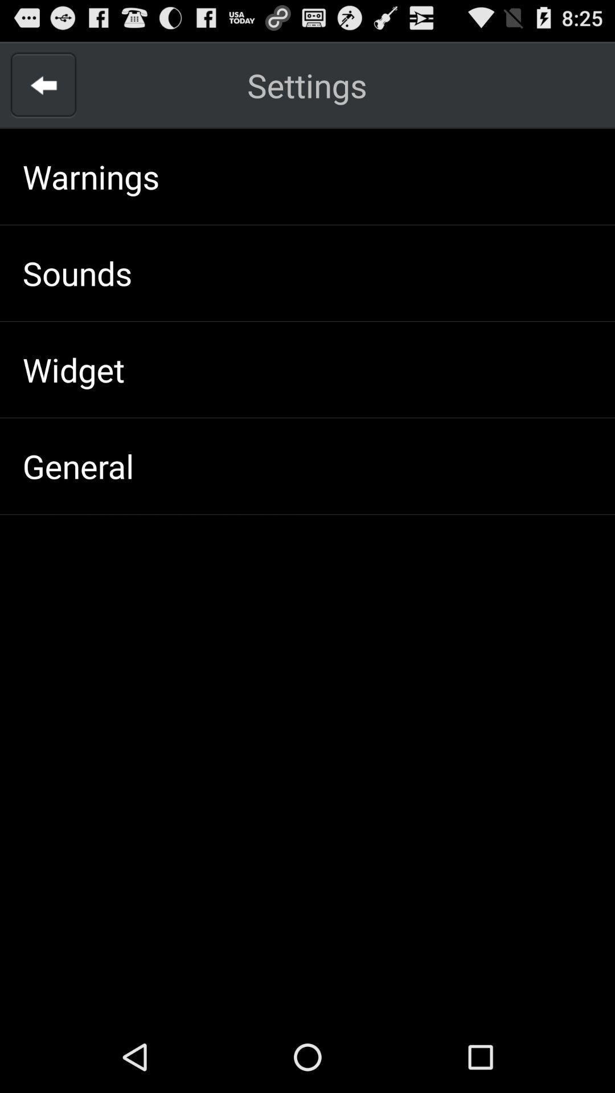  What do you see at coordinates (77, 466) in the screenshot?
I see `general item` at bounding box center [77, 466].